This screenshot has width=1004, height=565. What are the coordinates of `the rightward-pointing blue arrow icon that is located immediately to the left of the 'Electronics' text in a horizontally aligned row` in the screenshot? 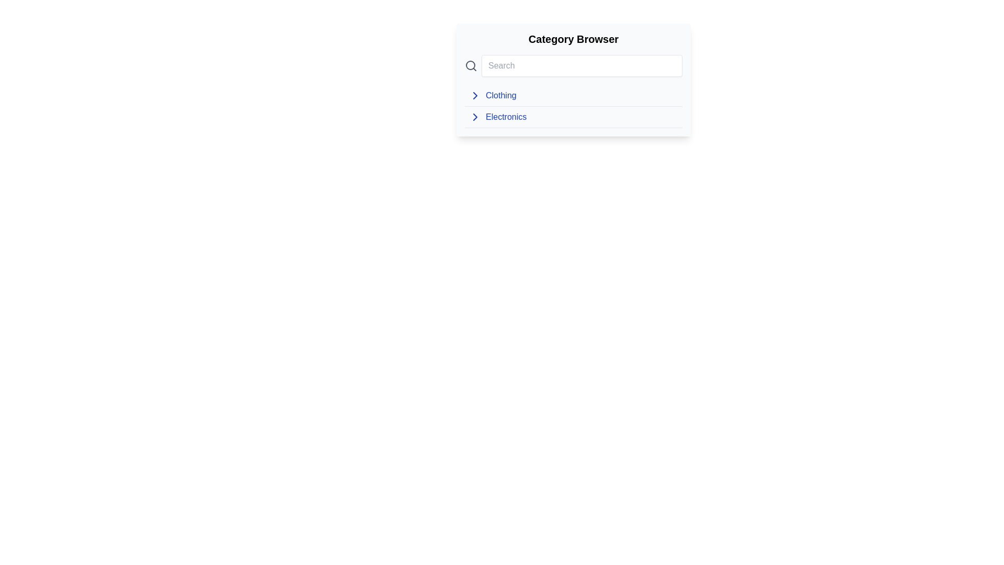 It's located at (474, 117).